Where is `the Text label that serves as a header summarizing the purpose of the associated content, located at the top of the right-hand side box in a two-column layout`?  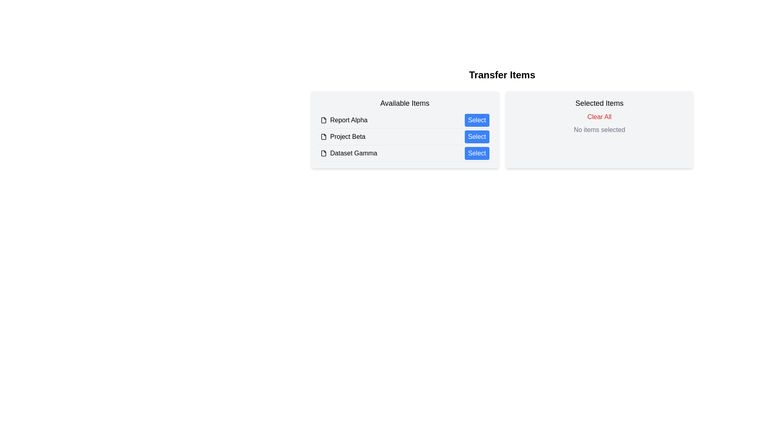 the Text label that serves as a header summarizing the purpose of the associated content, located at the top of the right-hand side box in a two-column layout is located at coordinates (599, 103).